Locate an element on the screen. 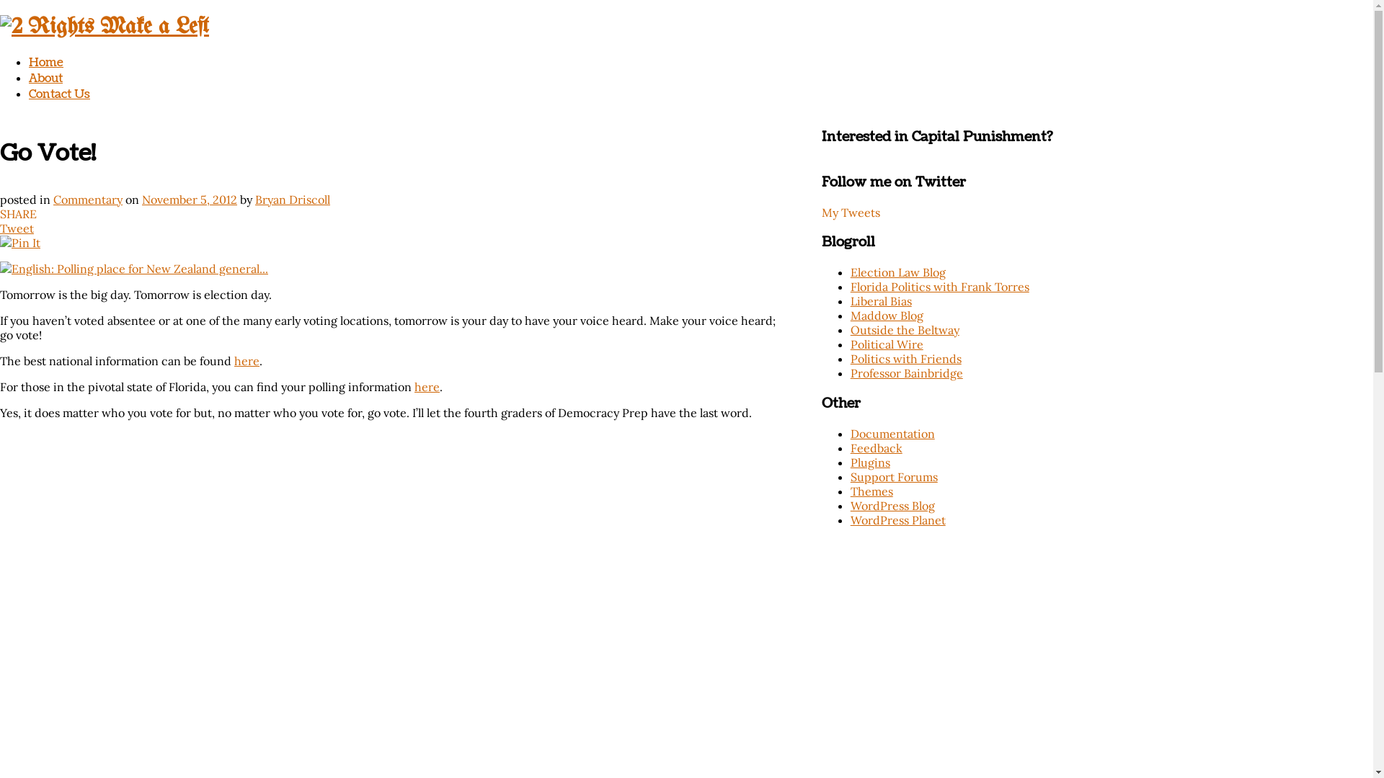 The width and height of the screenshot is (1384, 778). 'here' is located at coordinates (247, 360).